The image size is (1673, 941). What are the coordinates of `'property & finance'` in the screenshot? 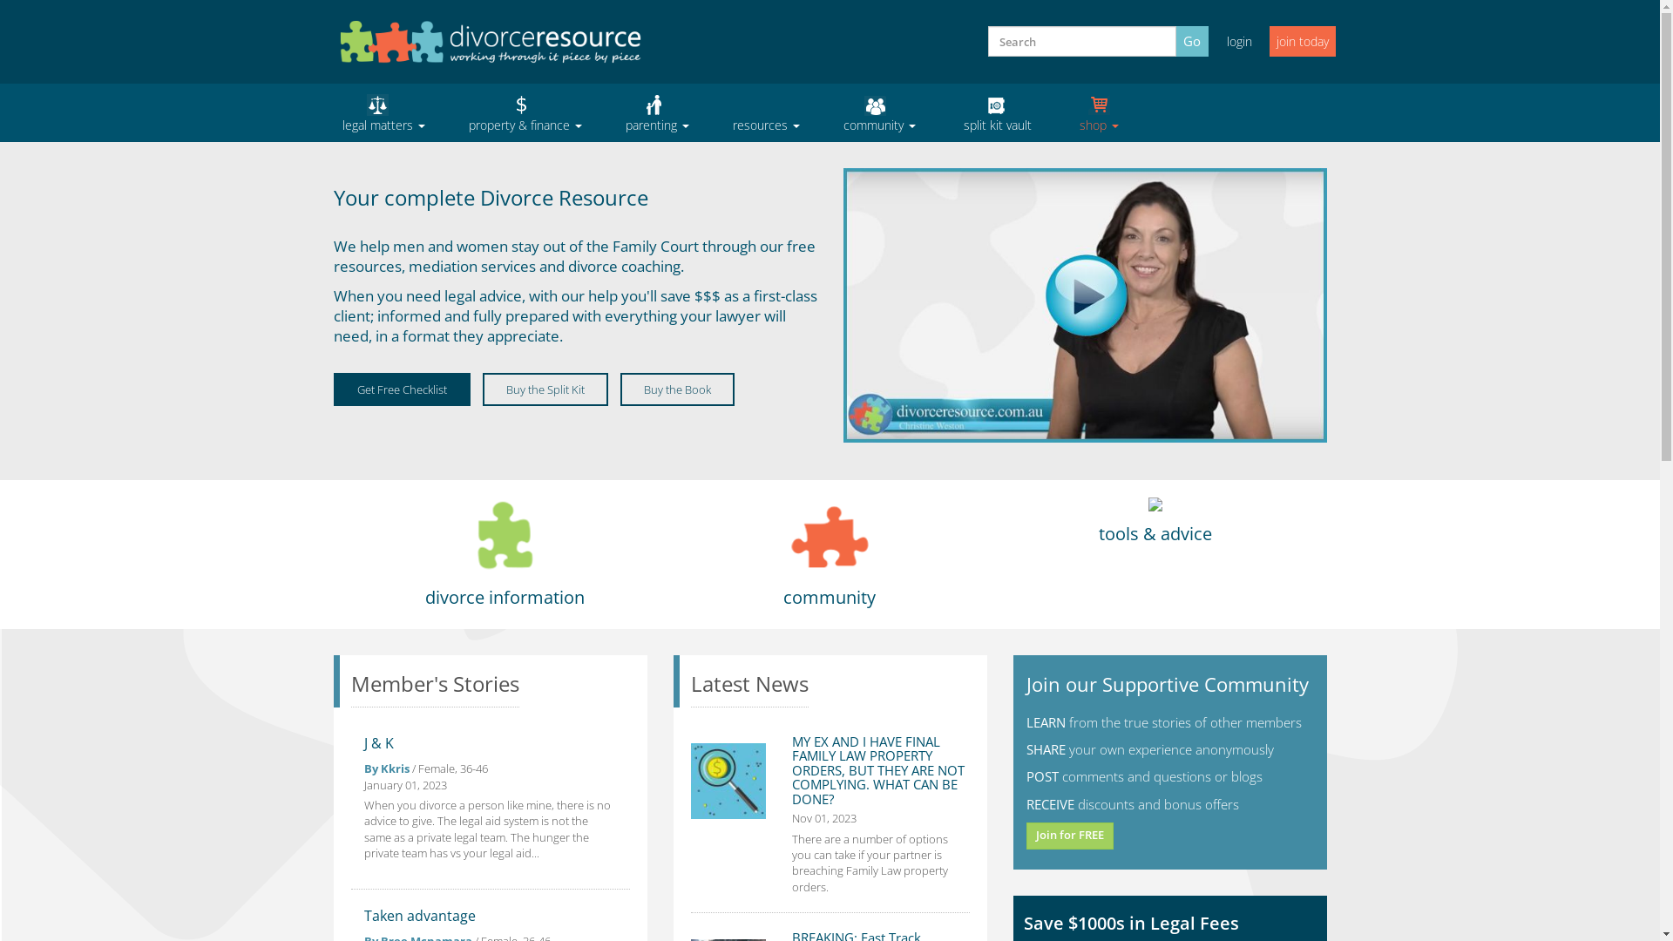 It's located at (446, 112).